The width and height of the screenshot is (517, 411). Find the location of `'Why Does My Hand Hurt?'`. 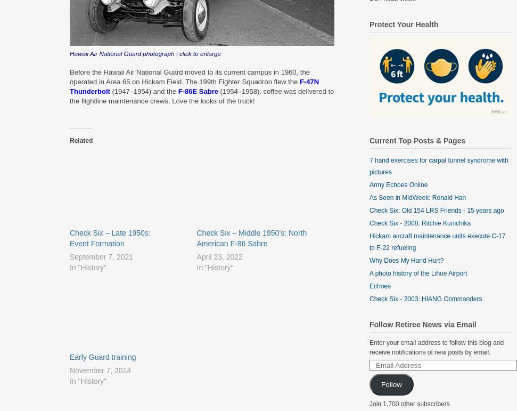

'Why Does My Hand Hurt?' is located at coordinates (406, 260).